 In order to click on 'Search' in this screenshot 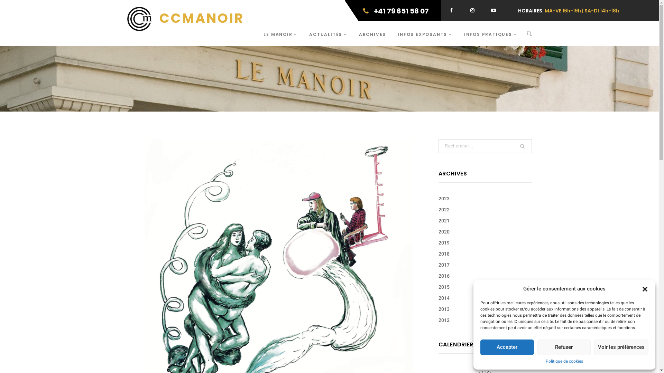, I will do `click(528, 34)`.